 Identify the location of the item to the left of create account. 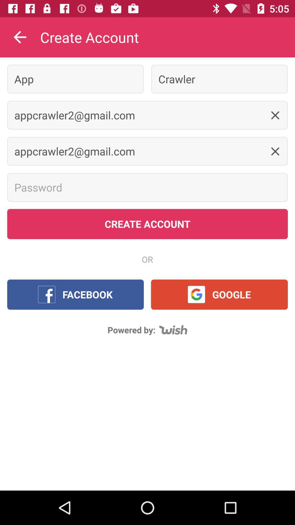
(20, 37).